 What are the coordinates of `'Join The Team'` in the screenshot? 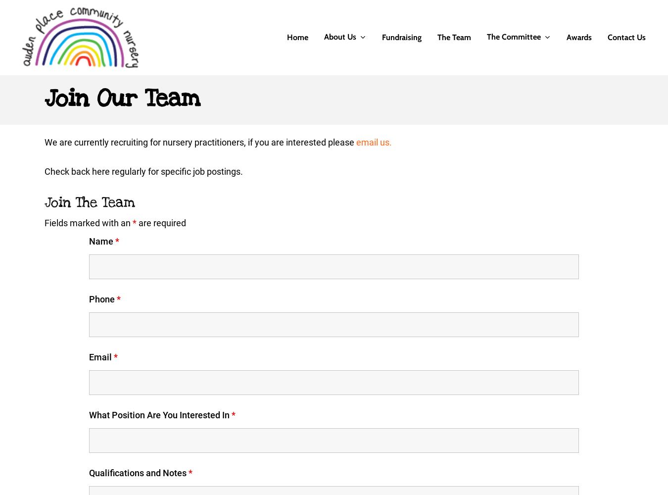 It's located at (90, 202).